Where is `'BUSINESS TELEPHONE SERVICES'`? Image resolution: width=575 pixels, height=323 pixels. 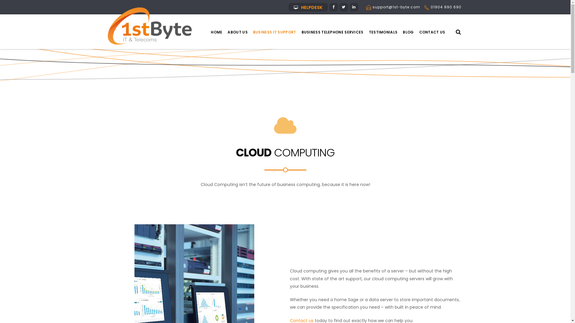
'BUSINESS TELEPHONE SERVICES' is located at coordinates (332, 32).